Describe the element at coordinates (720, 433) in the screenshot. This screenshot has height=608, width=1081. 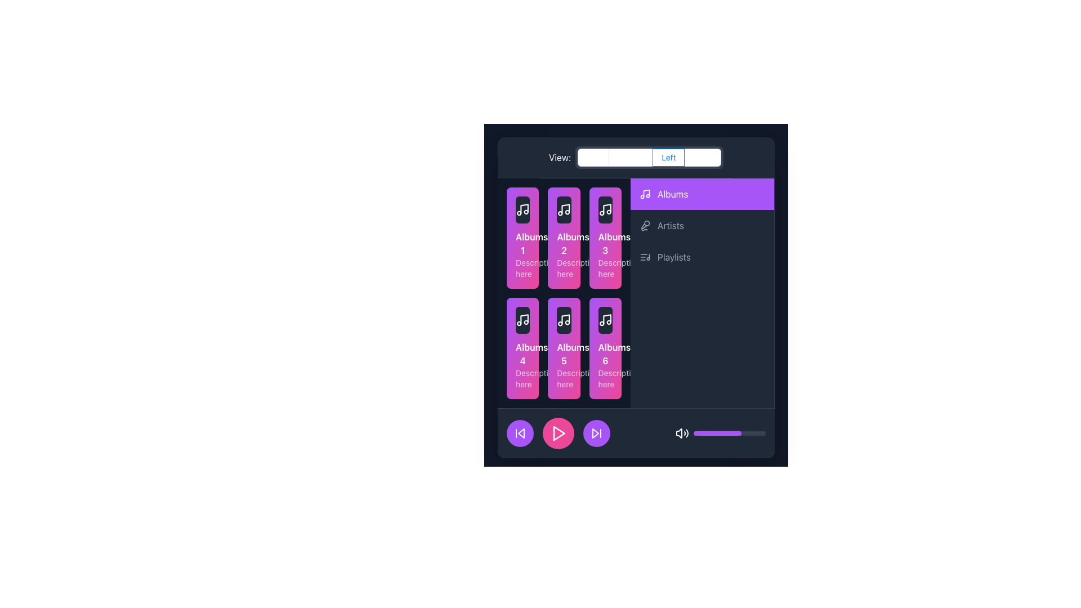
I see `the volume` at that location.